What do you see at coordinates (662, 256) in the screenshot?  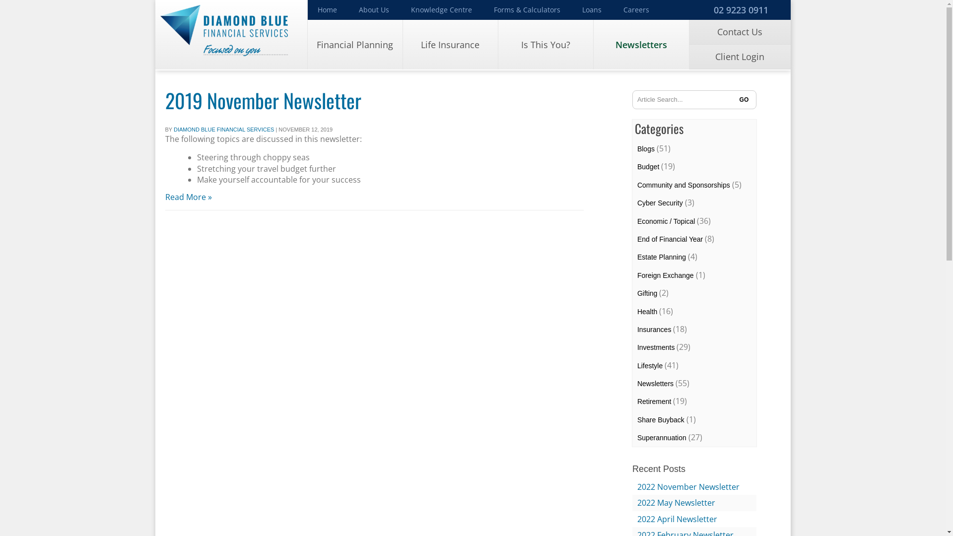 I see `'Estate Planning'` at bounding box center [662, 256].